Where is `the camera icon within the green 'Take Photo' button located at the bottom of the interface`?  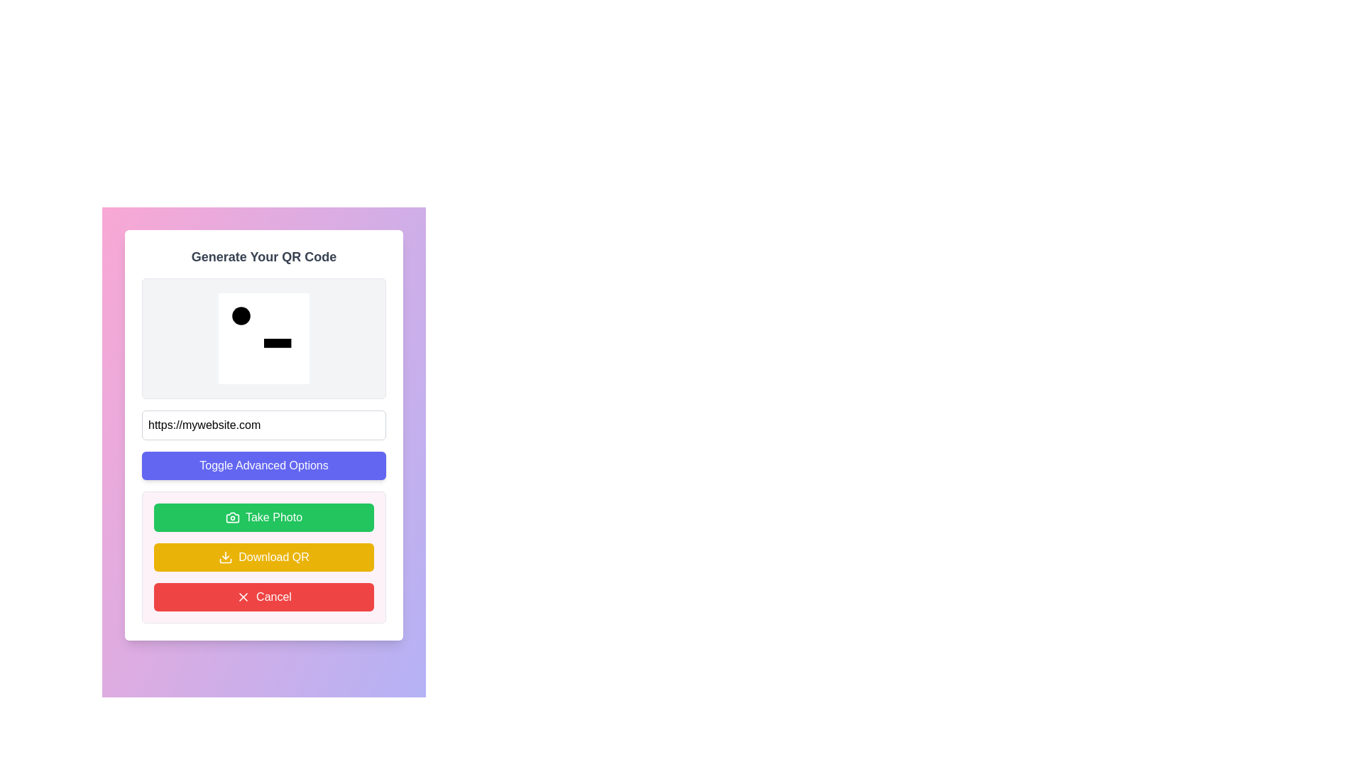
the camera icon within the green 'Take Photo' button located at the bottom of the interface is located at coordinates (232, 518).